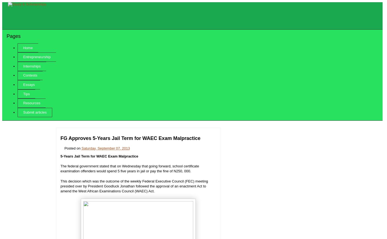  Describe the element at coordinates (13, 35) in the screenshot. I see `'Pages'` at that location.